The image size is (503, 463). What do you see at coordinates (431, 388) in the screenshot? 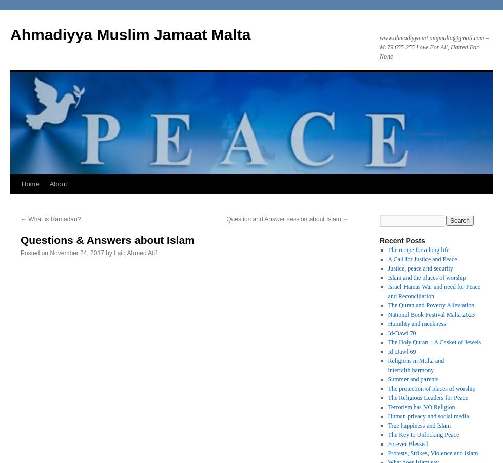
I see `'The protection of places of worship'` at bounding box center [431, 388].